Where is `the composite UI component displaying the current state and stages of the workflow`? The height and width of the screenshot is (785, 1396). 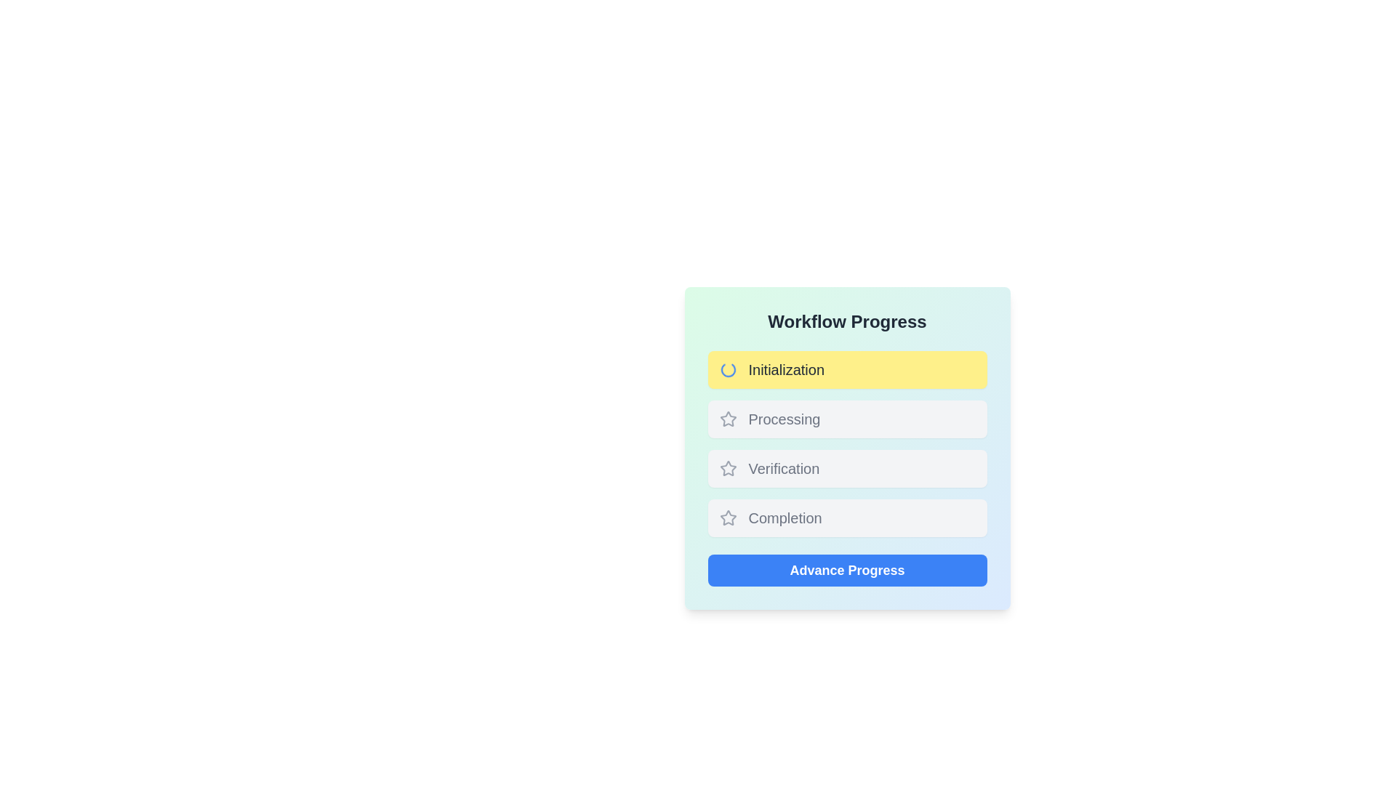
the composite UI component displaying the current state and stages of the workflow is located at coordinates (847, 448).